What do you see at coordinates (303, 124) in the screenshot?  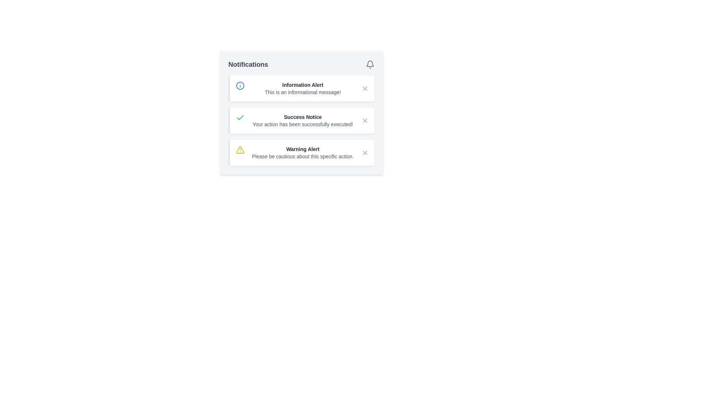 I see `text 'Your action has been successfully executed!' located in the notification card titled 'Success Notice', which is centered within the second notification card in a vertical list of notifications` at bounding box center [303, 124].